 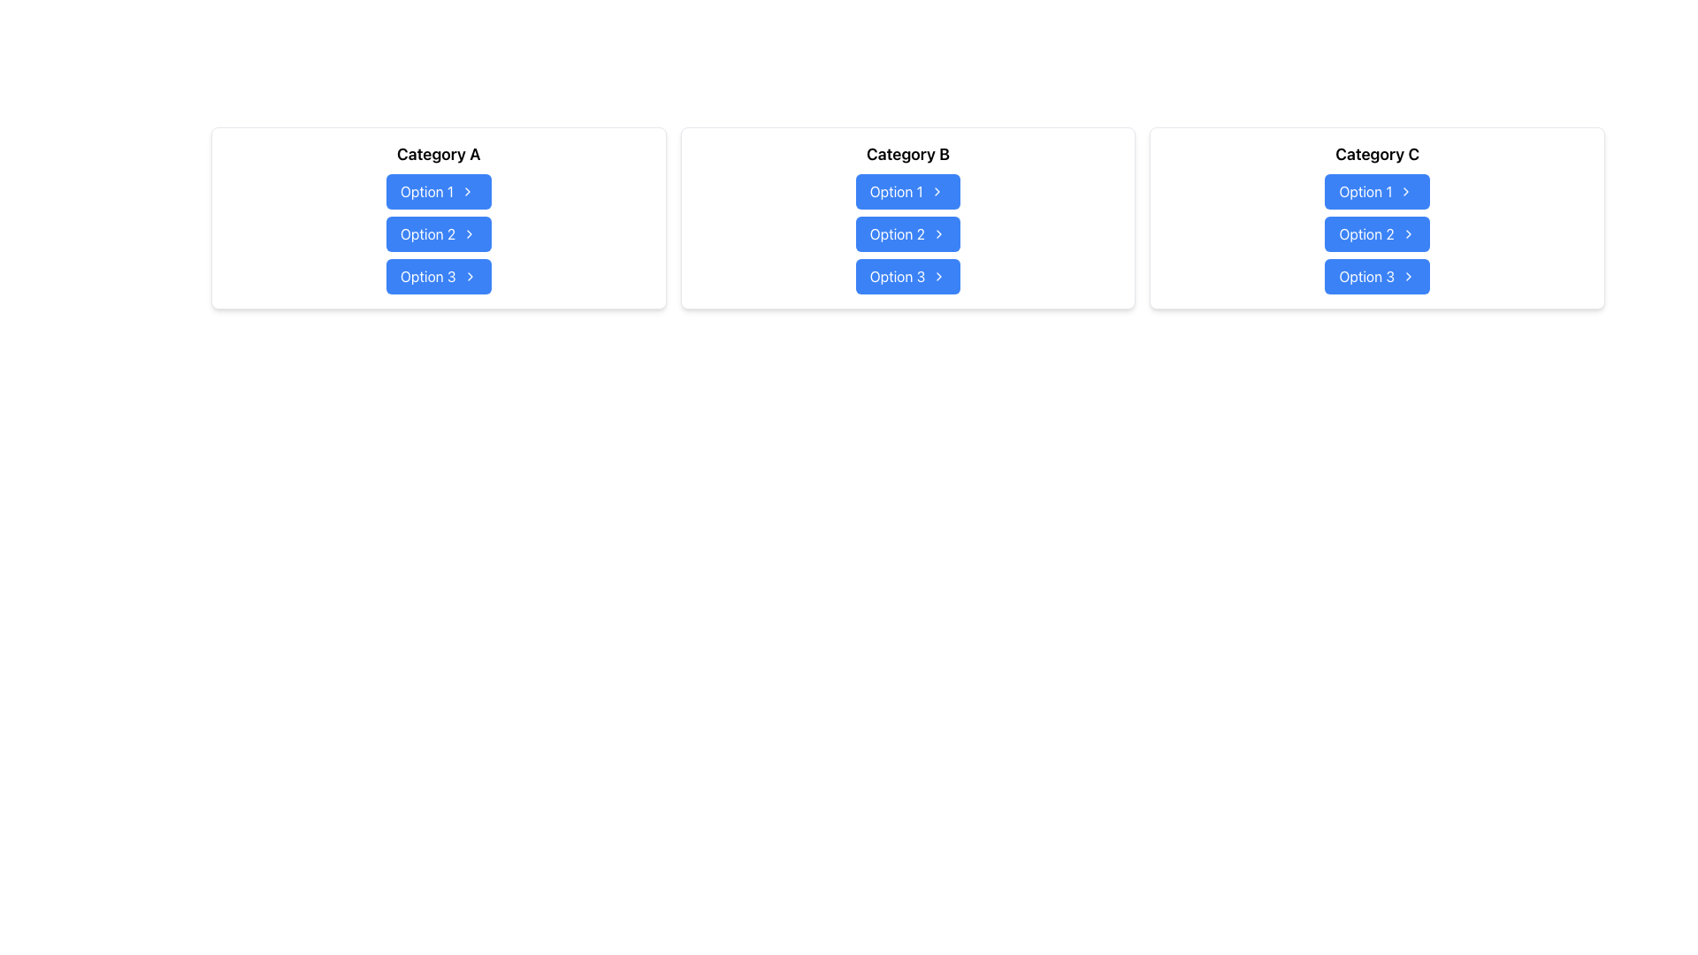 I want to click on the rightward chevron arrow icon located at the right edge of the blue button labeled 'Option 1' in the 'Category C' section, so click(x=1405, y=191).